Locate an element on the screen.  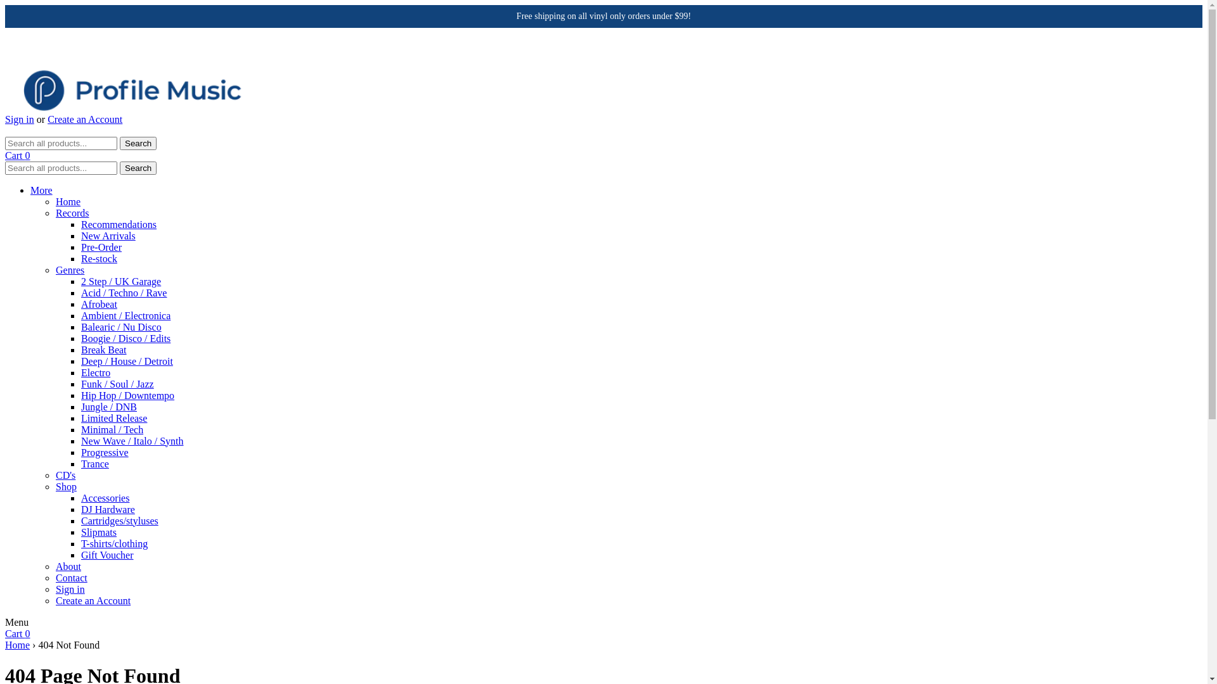
'Sign in' is located at coordinates (69, 589).